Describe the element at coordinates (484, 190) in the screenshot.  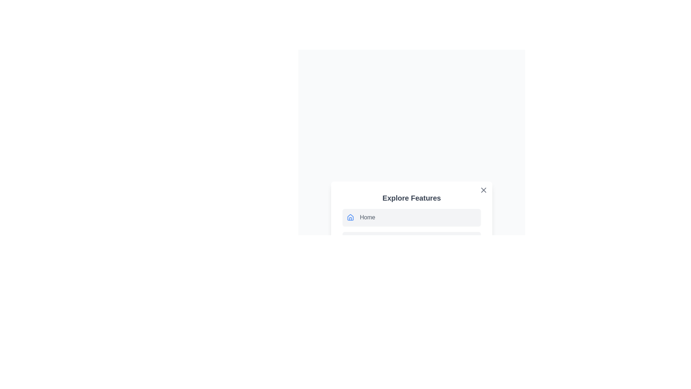
I see `the close button located at the top-right corner of the 'Explore Features' dialog box` at that location.